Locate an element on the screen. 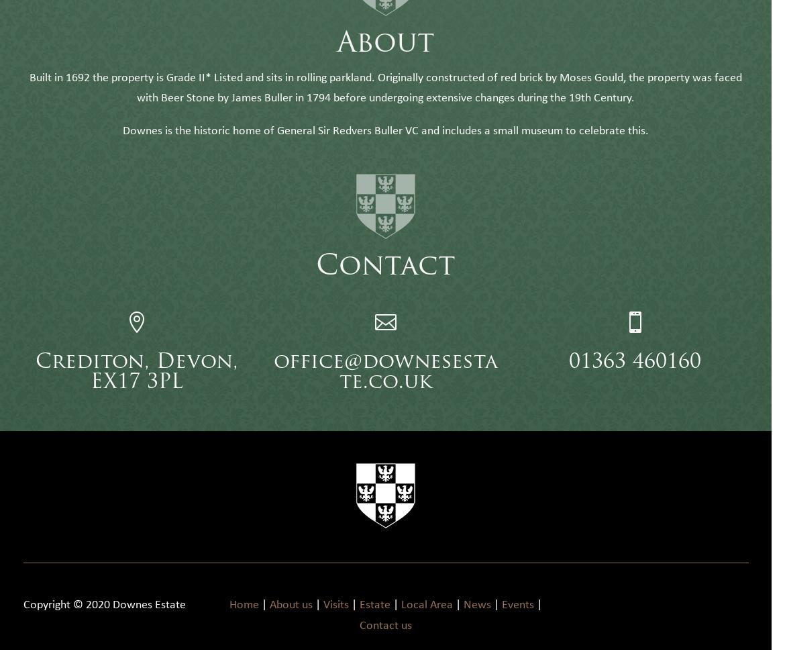 The image size is (785, 670). 'Built in 1692 the property is Grade II* Listed and sits in rolling parkland. Originally constructed of red brick by Moses Gould, the property was faced with Beer Stone by James Buller in 1794 before undergoing extensive changes during the 19th Century.' is located at coordinates (385, 107).